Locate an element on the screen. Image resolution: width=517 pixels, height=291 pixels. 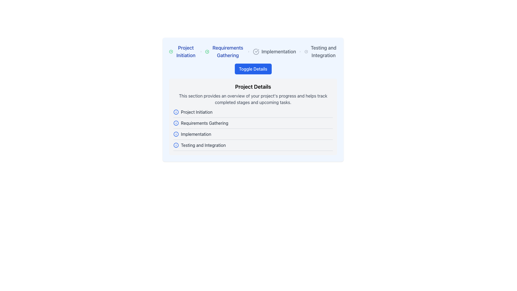
title text that serves as a heading for the project details section, located immediately below the 'Toggle Details' button is located at coordinates (253, 86).